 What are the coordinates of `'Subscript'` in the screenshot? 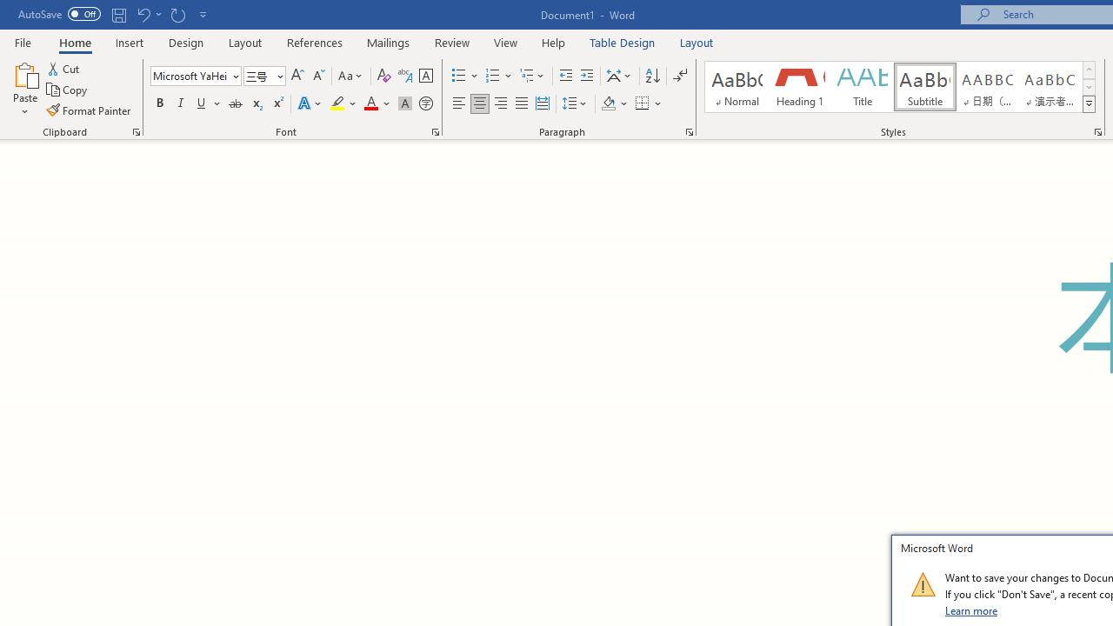 It's located at (256, 103).